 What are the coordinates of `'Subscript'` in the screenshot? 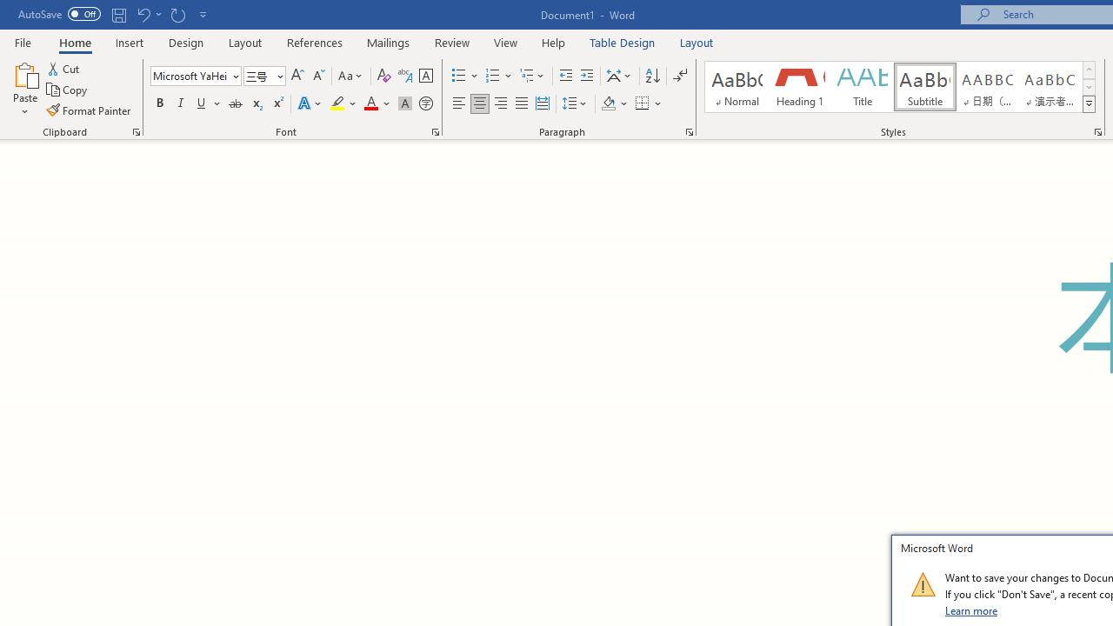 It's located at (256, 103).